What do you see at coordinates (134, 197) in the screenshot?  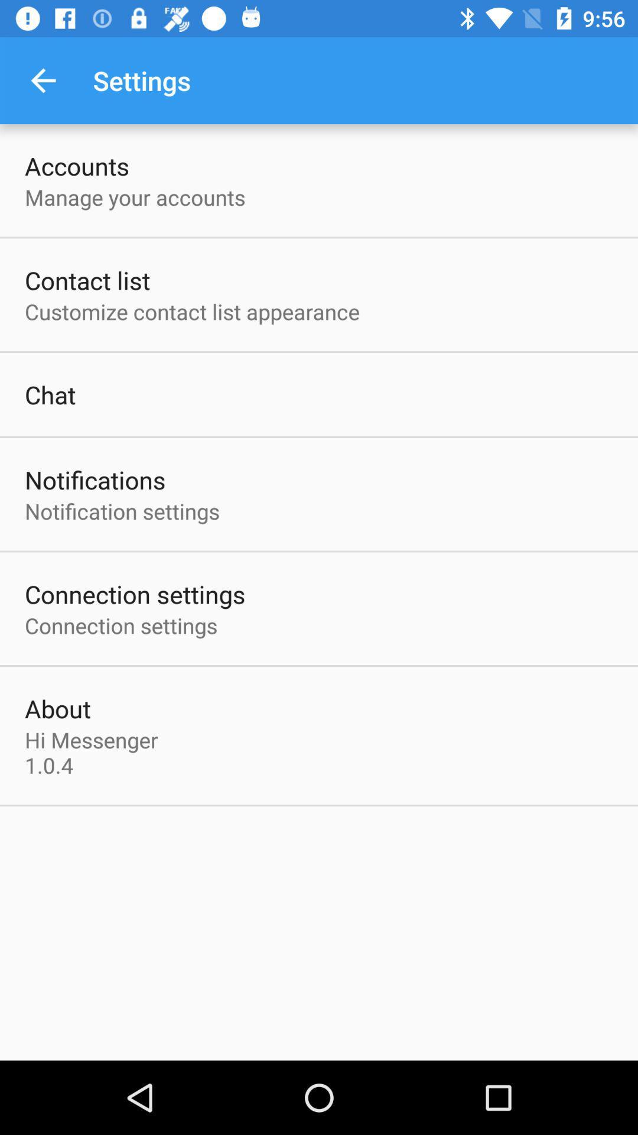 I see `the manage your accounts` at bounding box center [134, 197].